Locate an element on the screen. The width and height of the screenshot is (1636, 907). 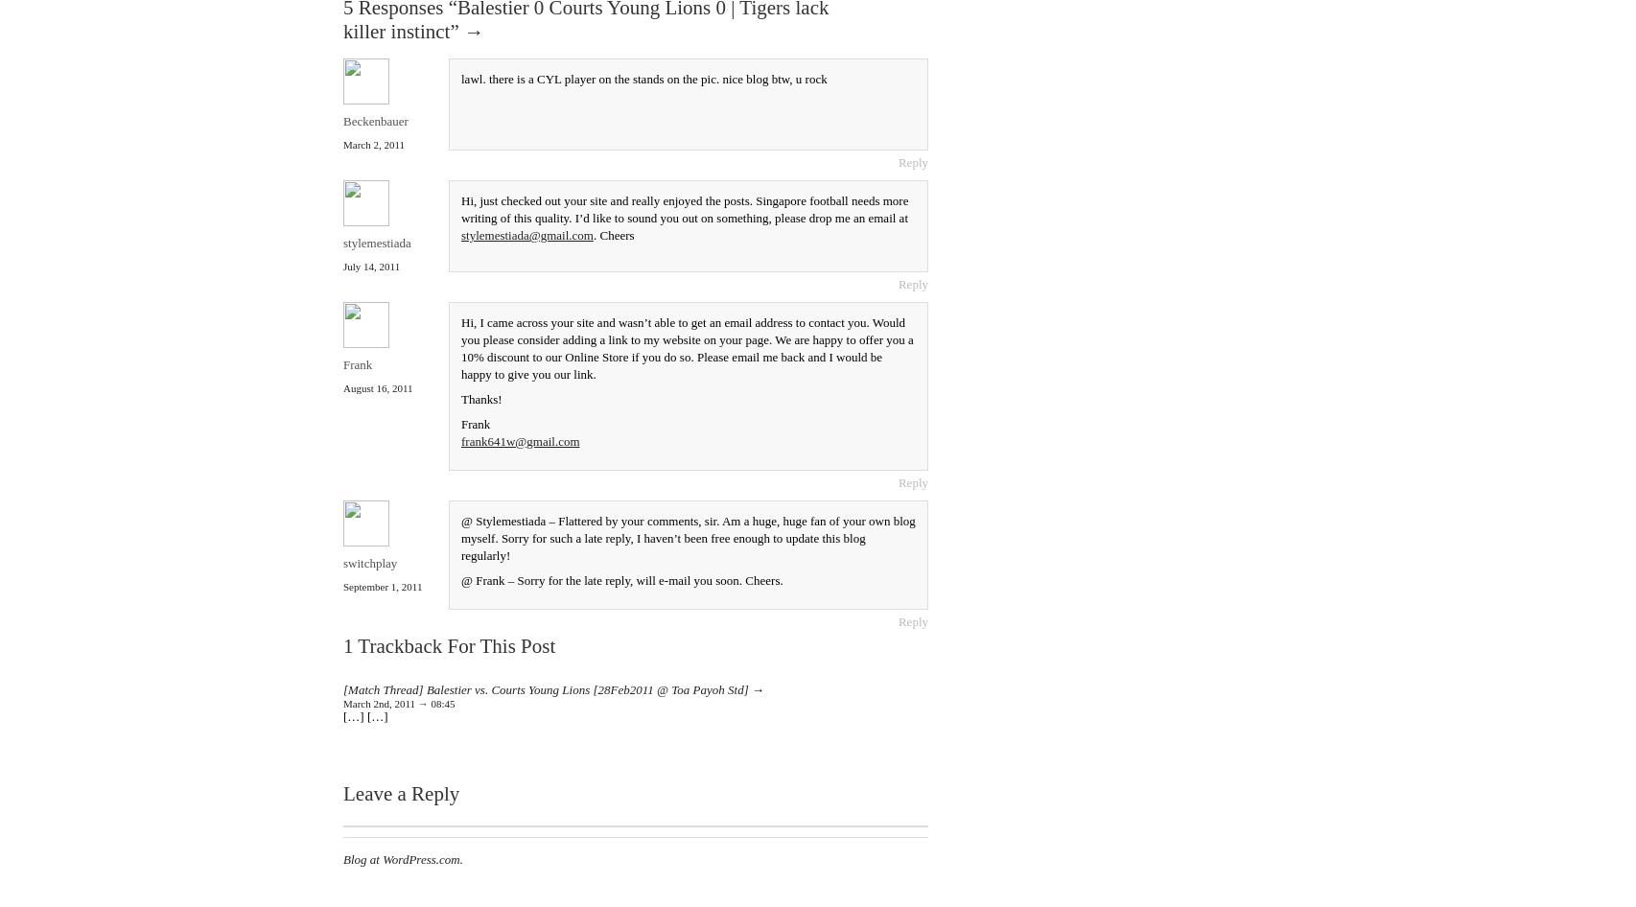
'September 1, 2011' is located at coordinates (383, 585).